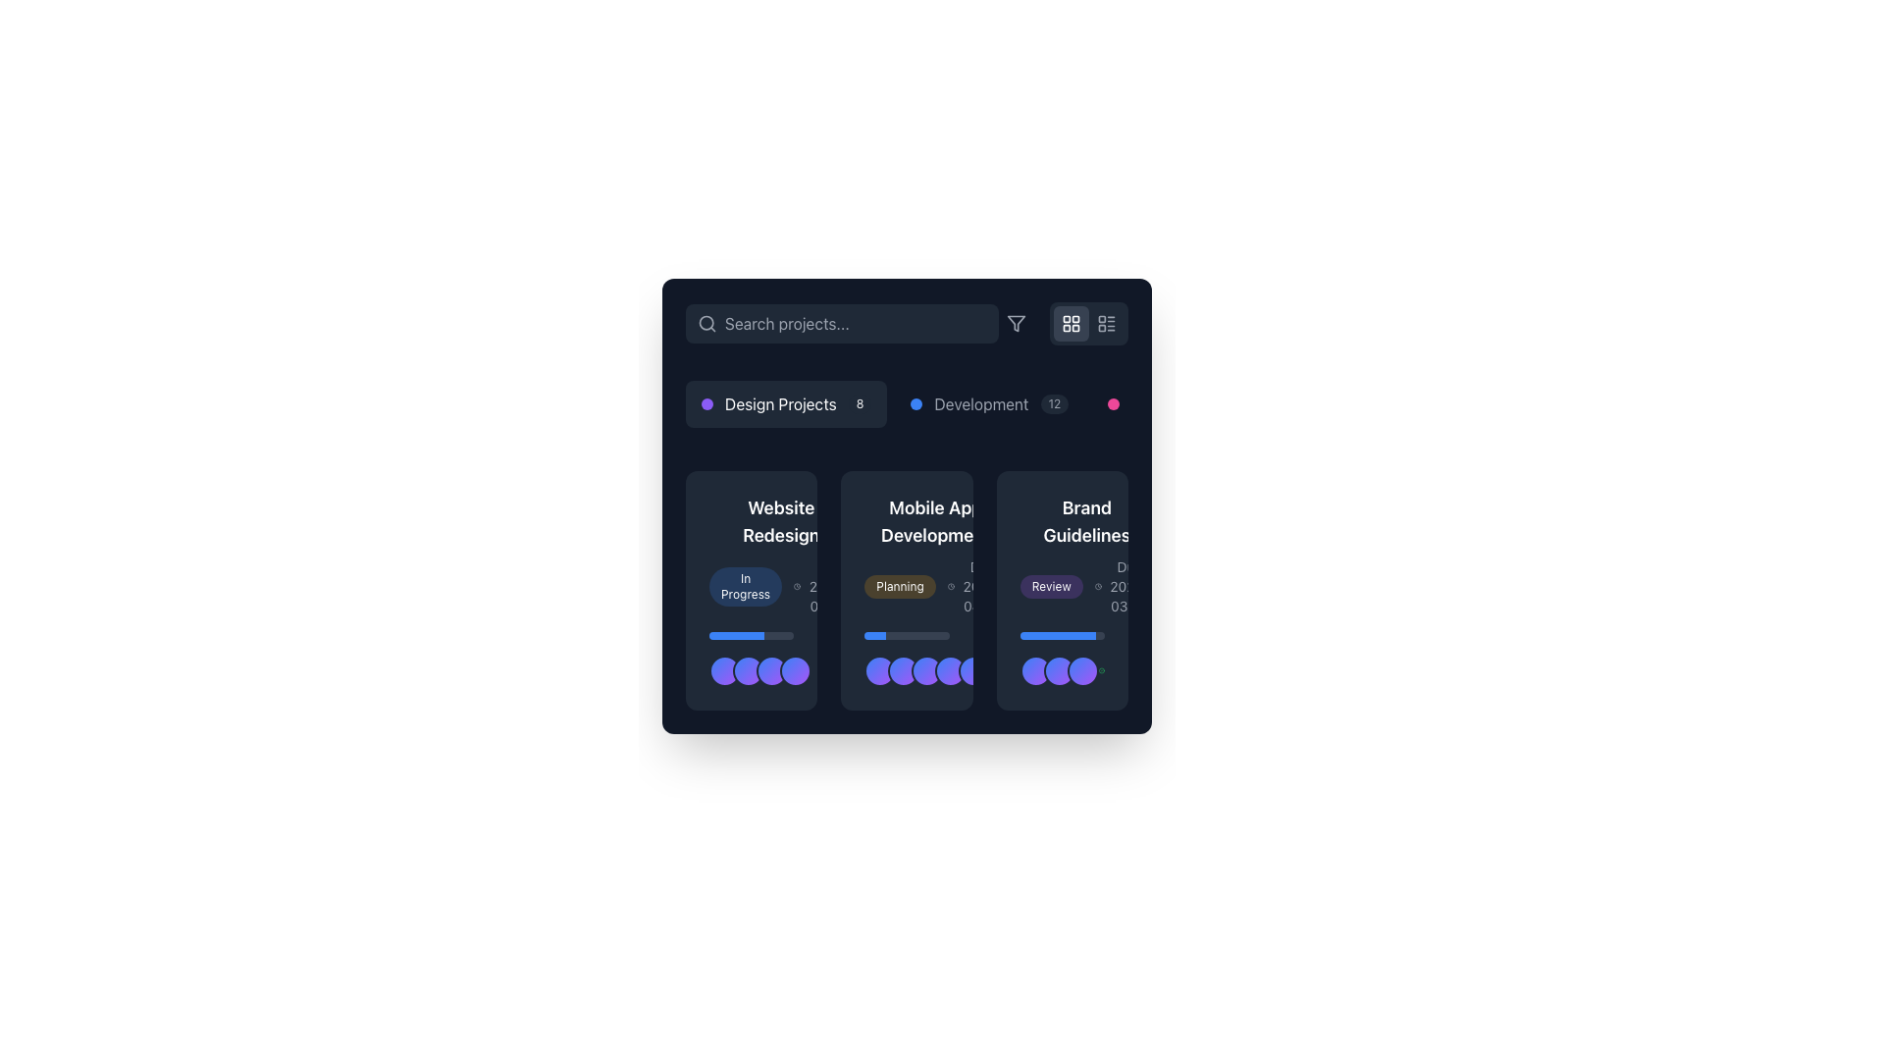  What do you see at coordinates (751, 556) in the screenshot?
I see `the 'In Progress' status indicator badge located inside the leftmost project card below the title 'Website Redesign'` at bounding box center [751, 556].